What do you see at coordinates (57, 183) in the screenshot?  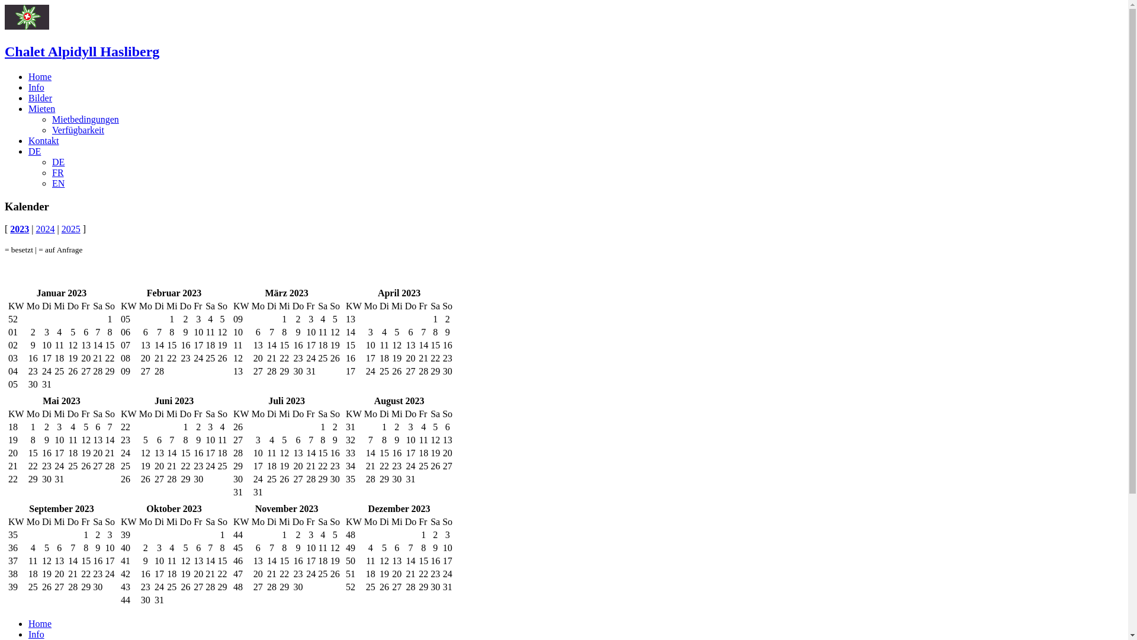 I see `'EN'` at bounding box center [57, 183].